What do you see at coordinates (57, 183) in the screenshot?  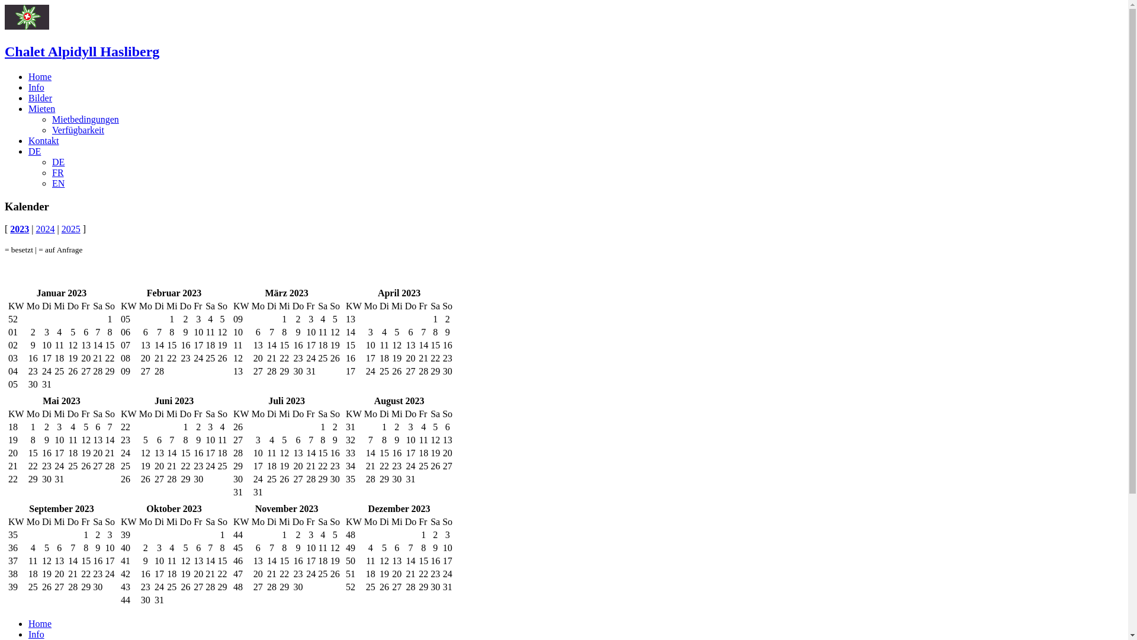 I see `'EN'` at bounding box center [57, 183].